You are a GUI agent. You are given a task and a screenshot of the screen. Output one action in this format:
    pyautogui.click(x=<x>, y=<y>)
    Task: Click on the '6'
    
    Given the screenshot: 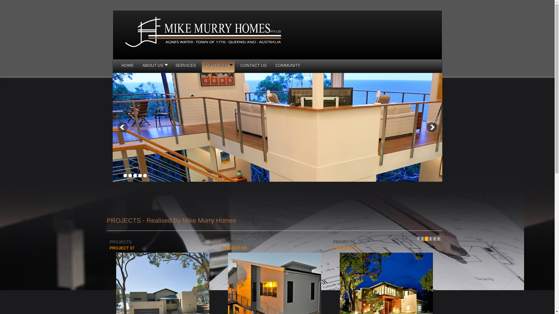 What is the action you would take?
    pyautogui.click(x=438, y=239)
    